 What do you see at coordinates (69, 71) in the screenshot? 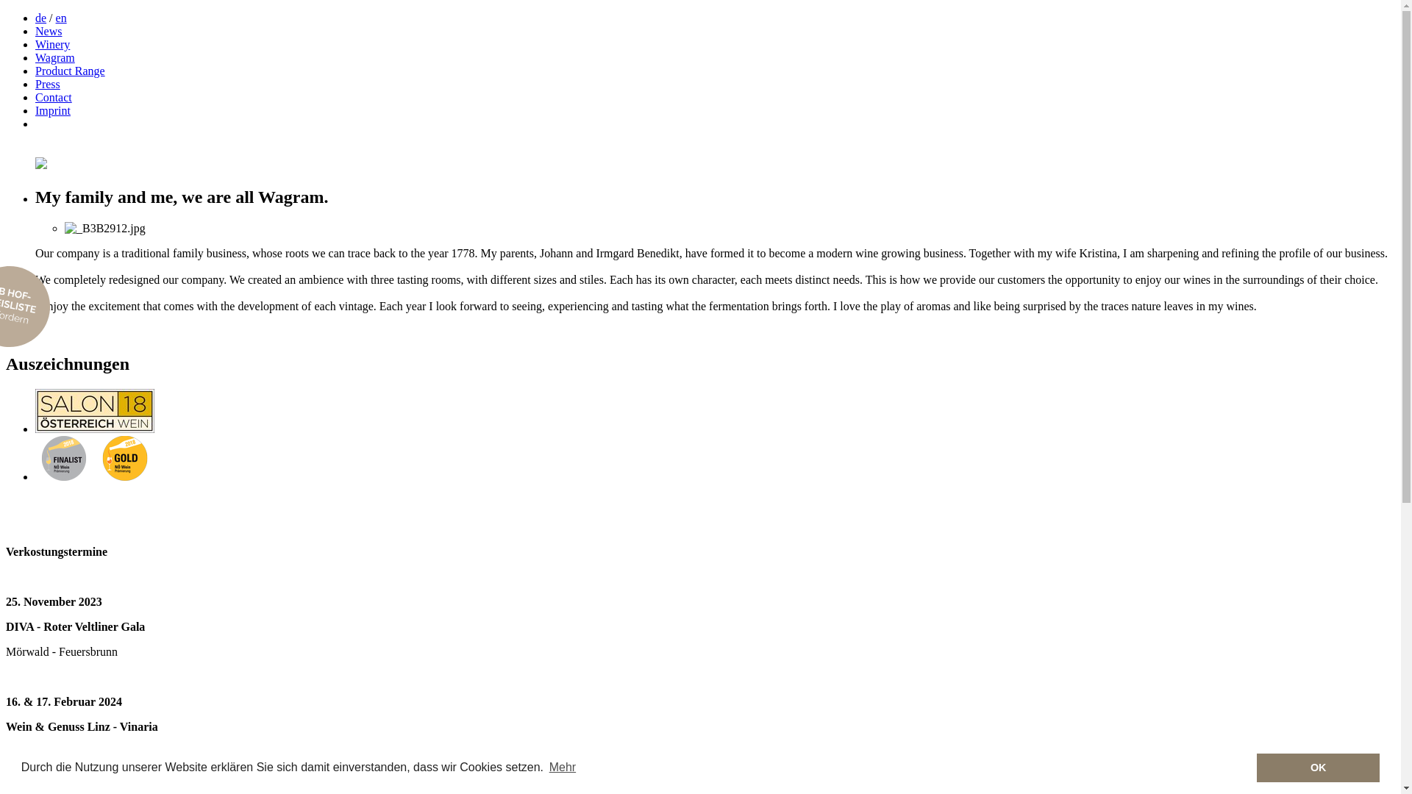
I see `'Product Range'` at bounding box center [69, 71].